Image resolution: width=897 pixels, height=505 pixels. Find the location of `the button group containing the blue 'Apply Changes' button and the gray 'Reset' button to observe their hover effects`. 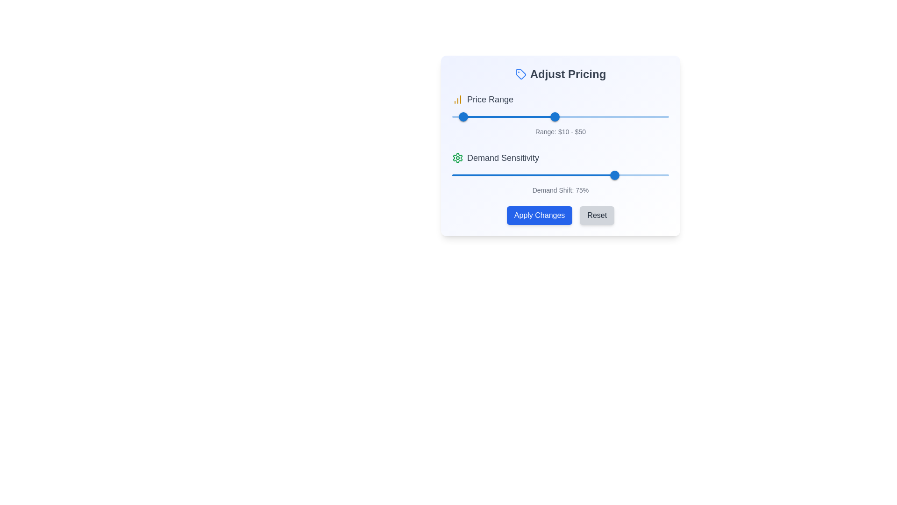

the button group containing the blue 'Apply Changes' button and the gray 'Reset' button to observe their hover effects is located at coordinates (561, 216).